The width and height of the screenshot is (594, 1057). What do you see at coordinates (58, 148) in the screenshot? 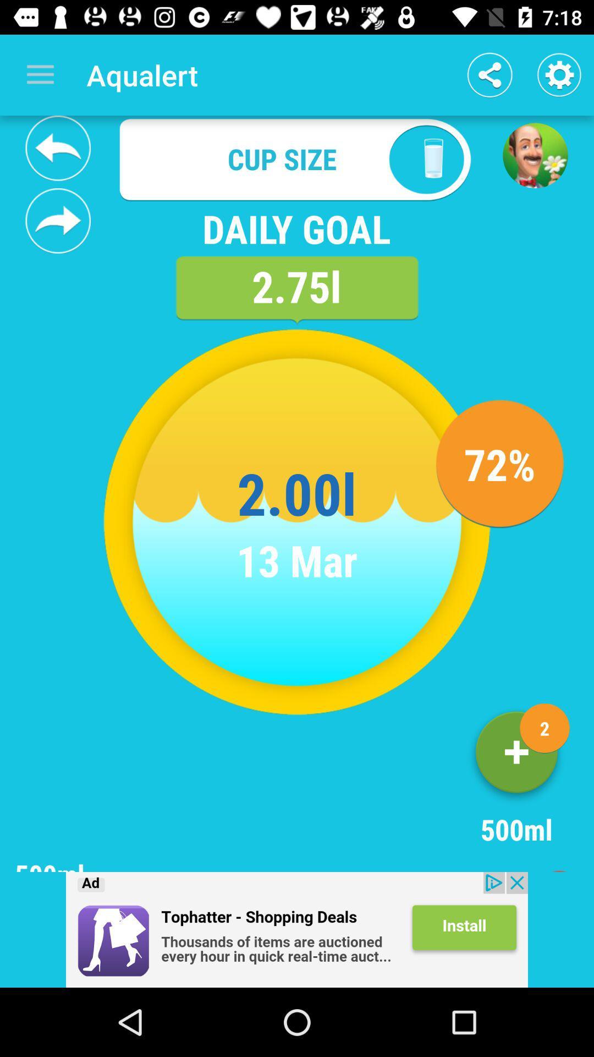
I see `back button` at bounding box center [58, 148].